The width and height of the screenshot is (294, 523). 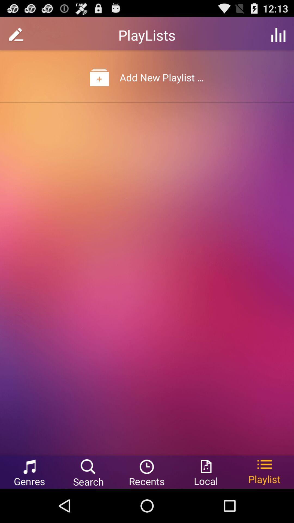 I want to click on the pause icon, so click(x=278, y=37).